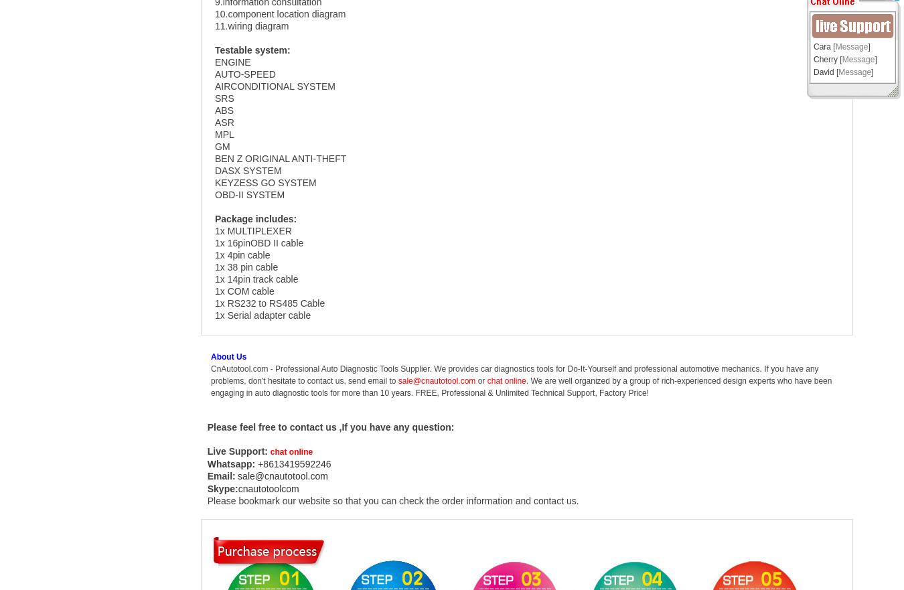 This screenshot has width=904, height=590. Describe the element at coordinates (223, 122) in the screenshot. I see `'ASR'` at that location.